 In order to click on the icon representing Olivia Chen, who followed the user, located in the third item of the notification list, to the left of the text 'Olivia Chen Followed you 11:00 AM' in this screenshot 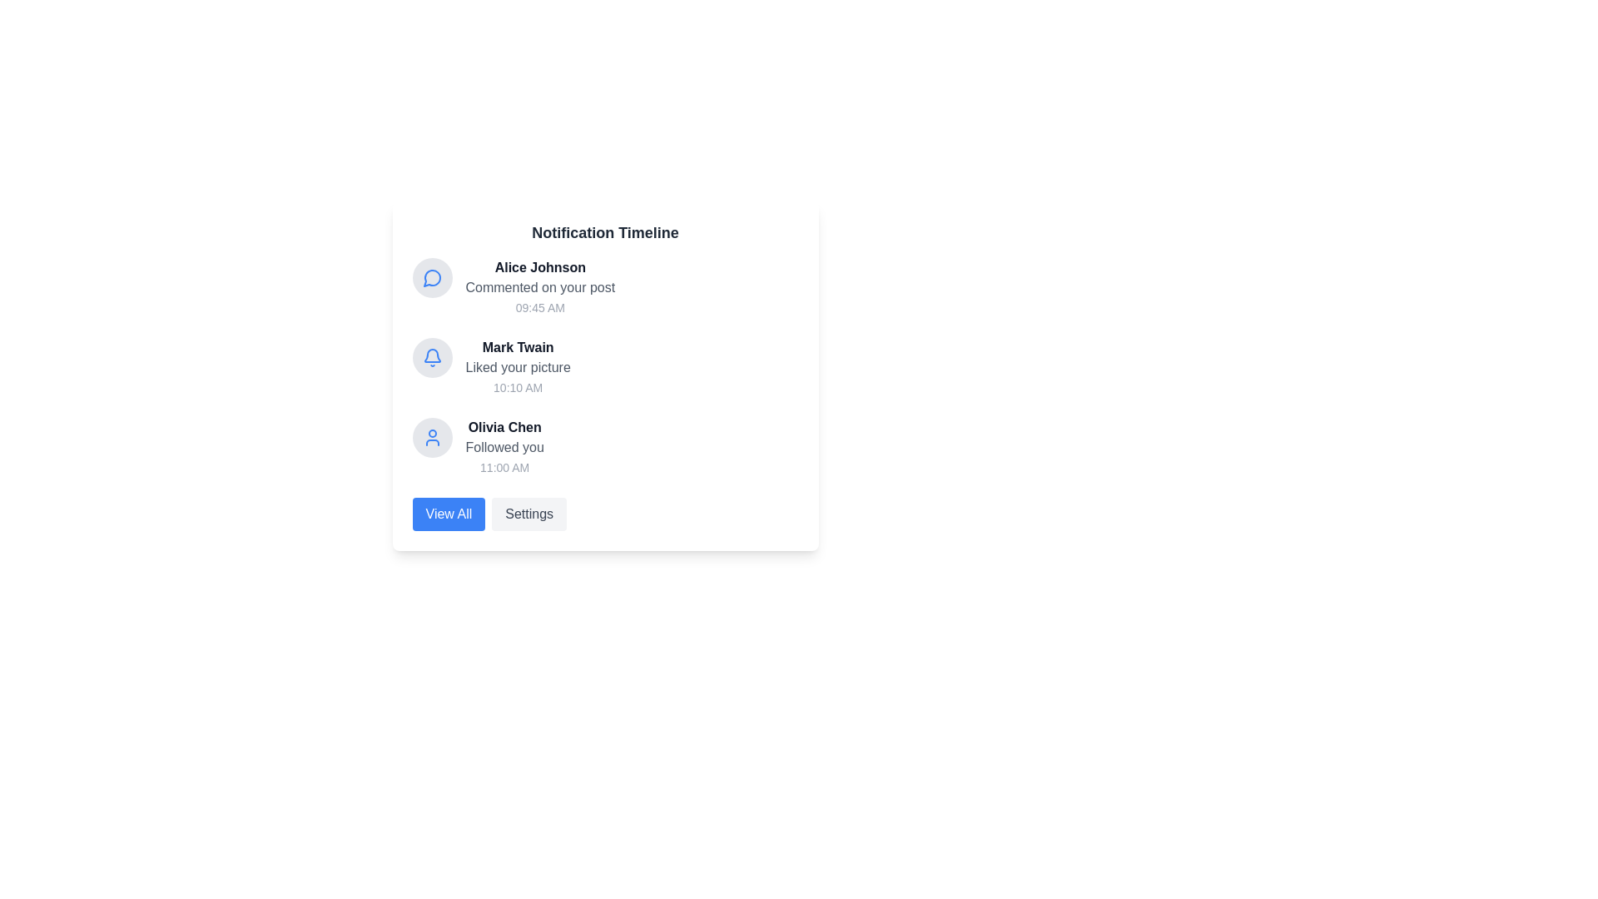, I will do `click(432, 436)`.